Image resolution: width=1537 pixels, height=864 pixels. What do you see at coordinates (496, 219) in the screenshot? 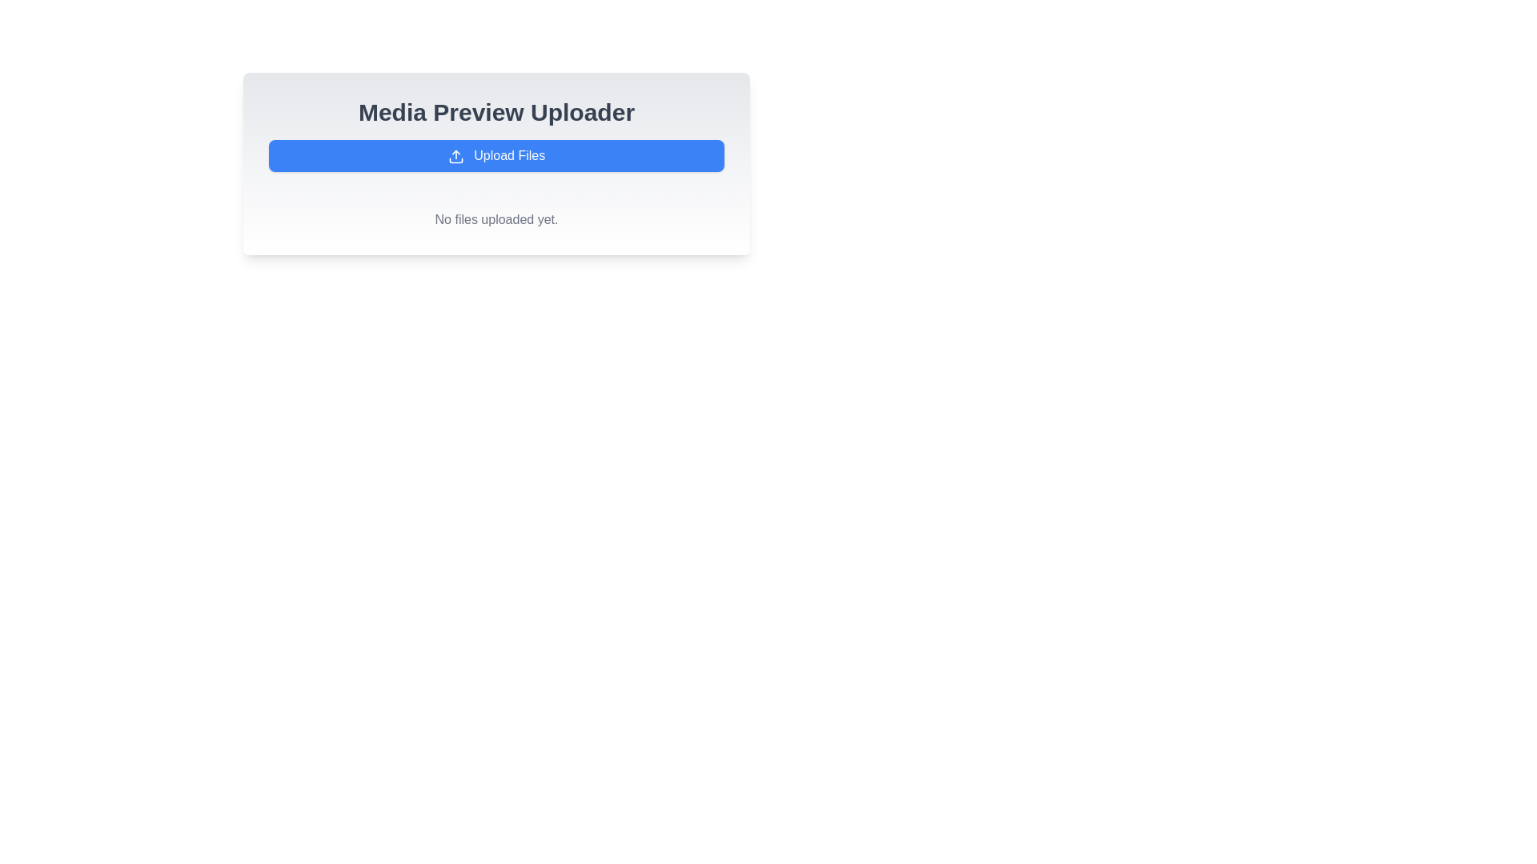
I see `the text label indicating that no files have been uploaded yet, which is positioned below the 'Upload Files' button` at bounding box center [496, 219].